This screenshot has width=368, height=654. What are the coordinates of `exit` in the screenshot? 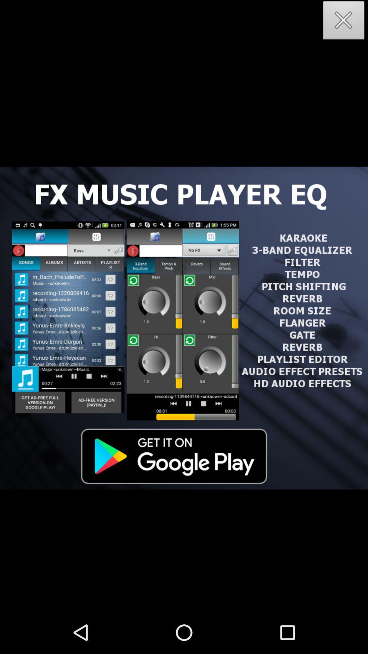 It's located at (344, 22).